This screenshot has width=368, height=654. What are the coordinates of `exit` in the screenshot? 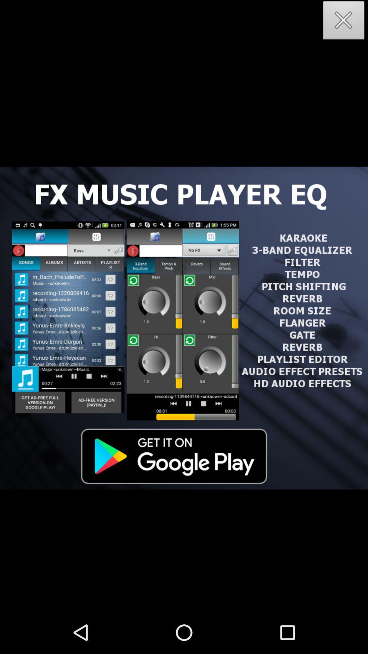 It's located at (344, 22).